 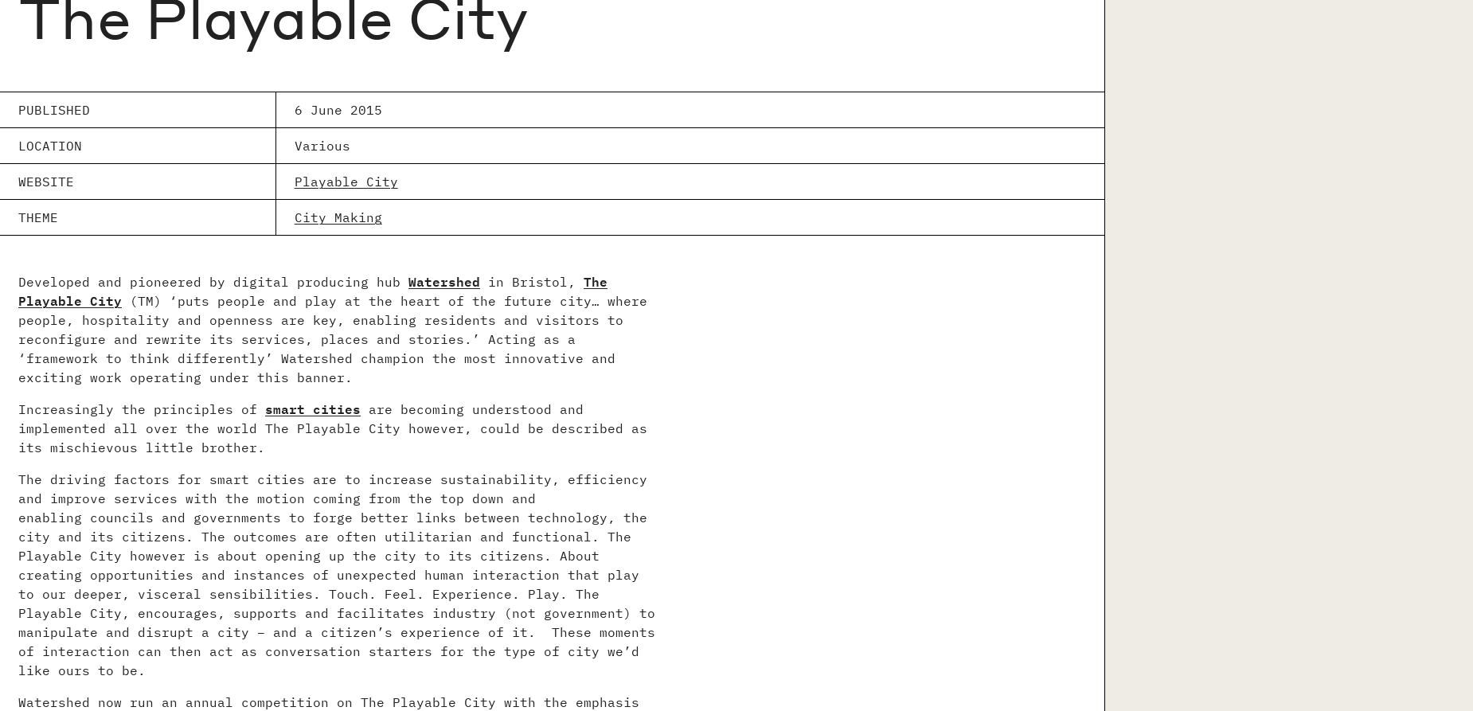 What do you see at coordinates (532, 281) in the screenshot?
I see `'in Bristol,'` at bounding box center [532, 281].